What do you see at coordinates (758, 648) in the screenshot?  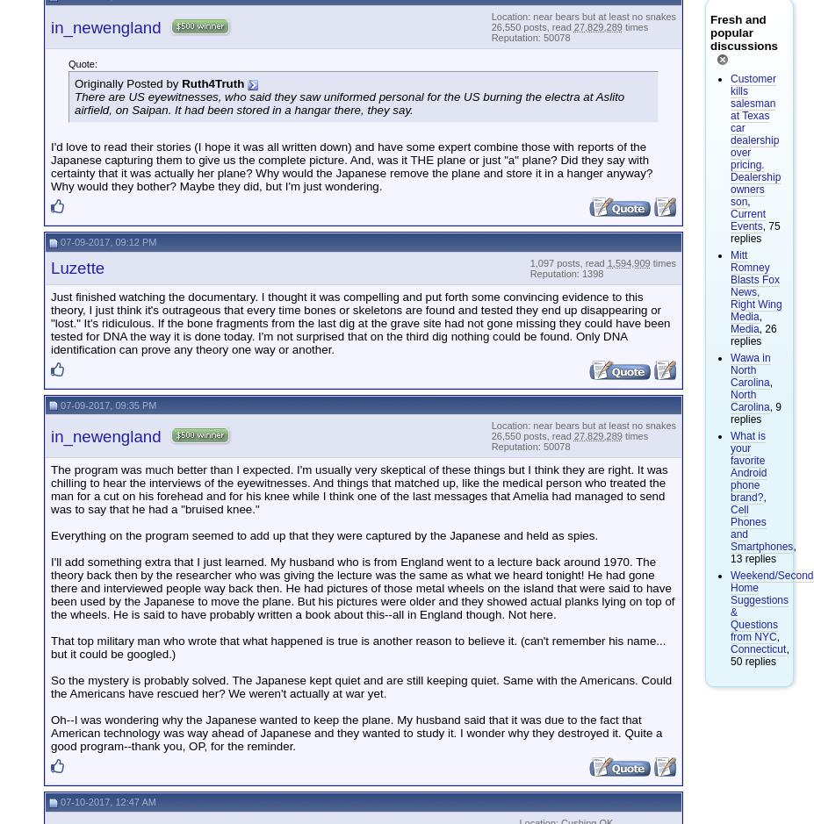 I see `'Connecticut'` at bounding box center [758, 648].